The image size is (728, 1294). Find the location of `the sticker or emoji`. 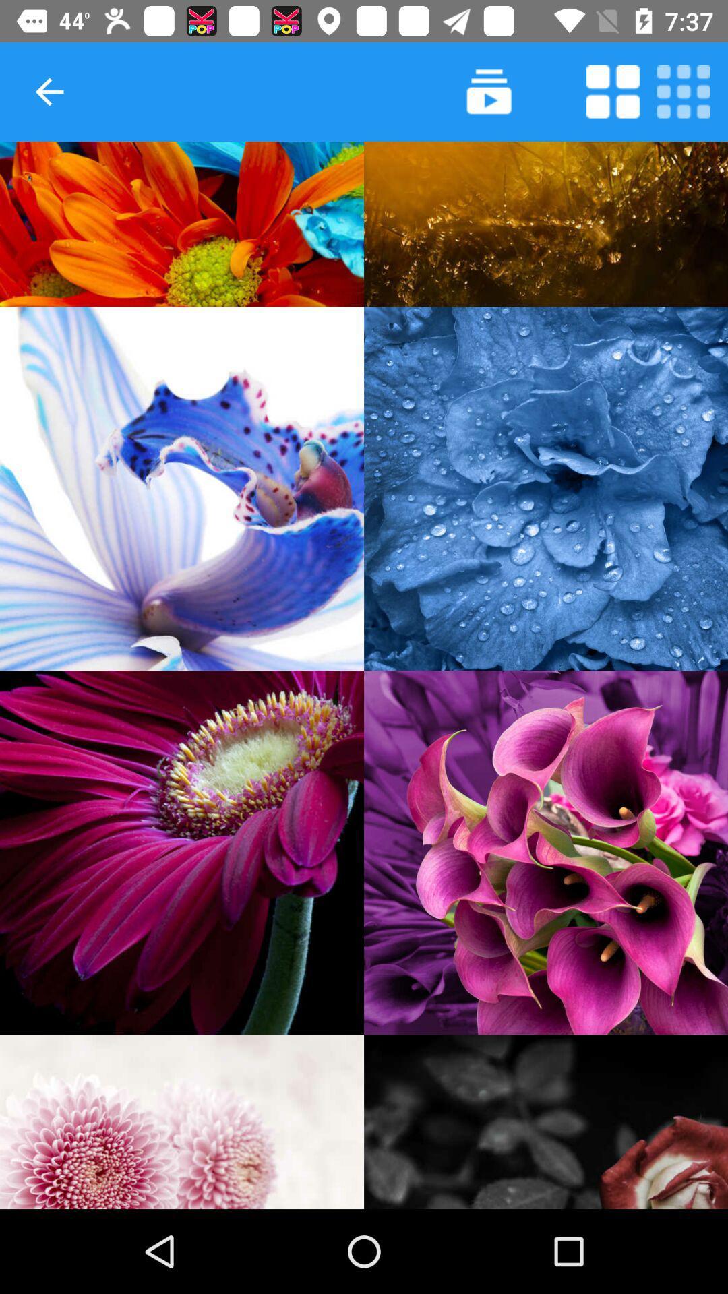

the sticker or emoji is located at coordinates (546, 1121).